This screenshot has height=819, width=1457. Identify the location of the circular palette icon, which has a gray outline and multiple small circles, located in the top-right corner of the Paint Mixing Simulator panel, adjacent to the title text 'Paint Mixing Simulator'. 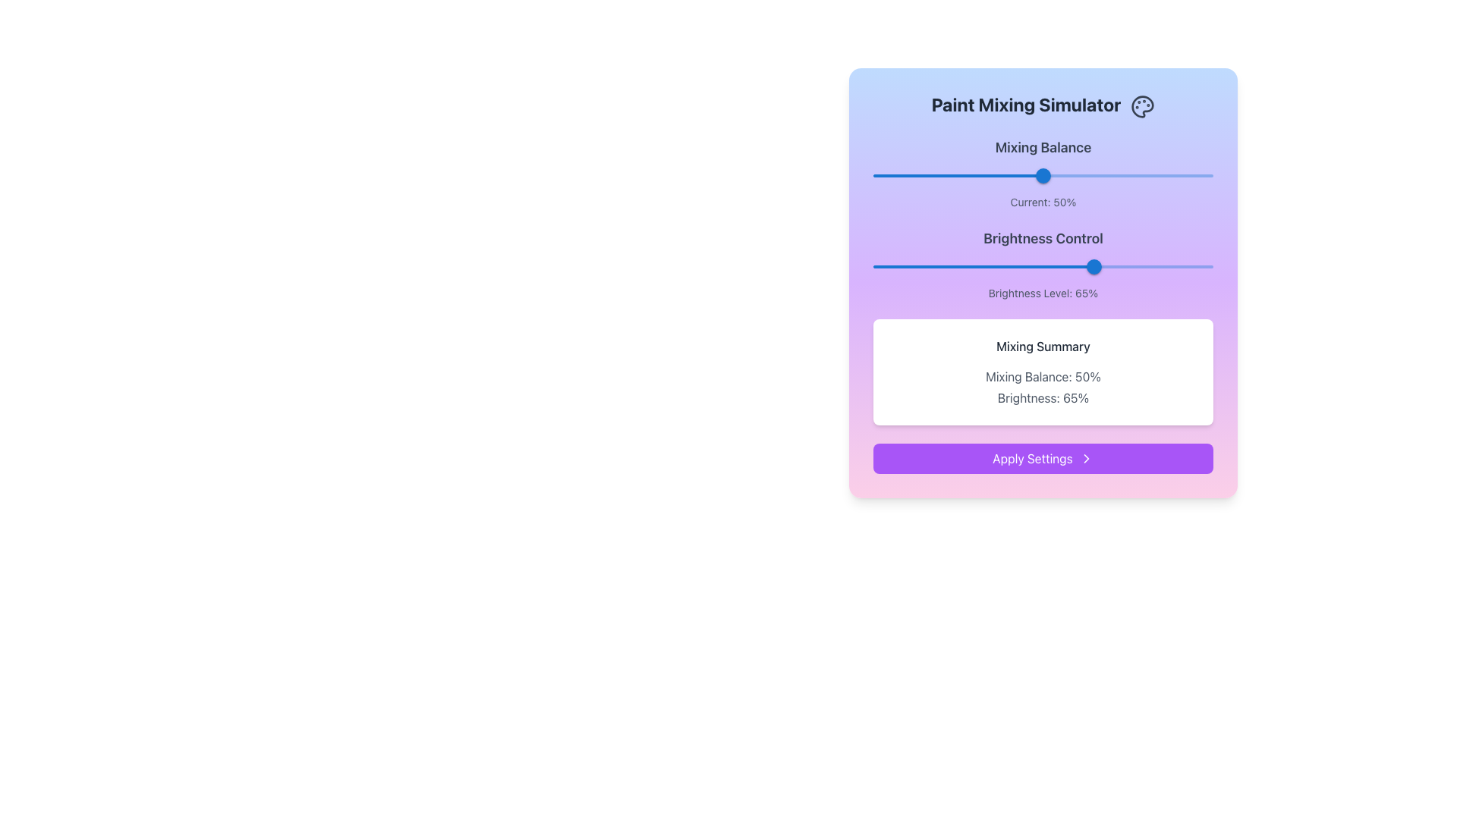
(1143, 105).